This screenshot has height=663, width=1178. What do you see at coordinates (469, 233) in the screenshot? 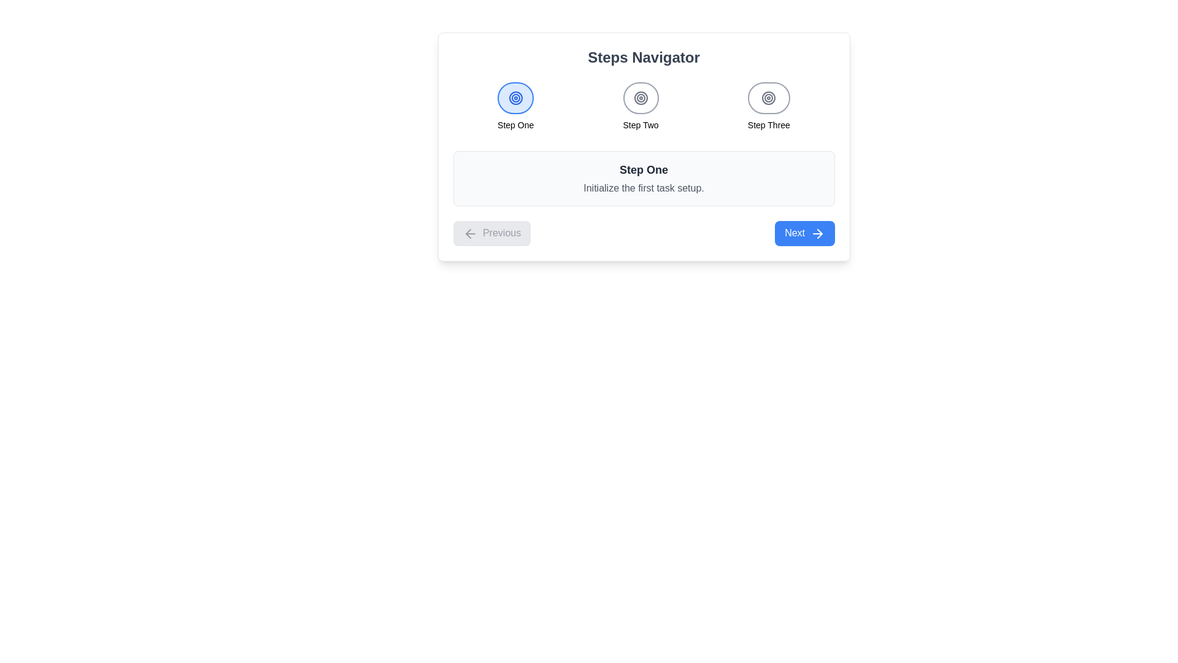
I see `the 'Previous' button that contains the left-arrow icon styled with rounded ends and sharp corners, located at the bottom-left of the card component` at bounding box center [469, 233].